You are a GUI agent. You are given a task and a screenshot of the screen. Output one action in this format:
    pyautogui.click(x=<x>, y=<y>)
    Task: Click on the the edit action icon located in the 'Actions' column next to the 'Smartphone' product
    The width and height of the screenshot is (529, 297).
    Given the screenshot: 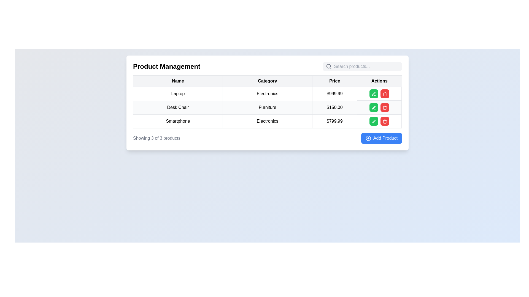 What is the action you would take?
    pyautogui.click(x=374, y=121)
    